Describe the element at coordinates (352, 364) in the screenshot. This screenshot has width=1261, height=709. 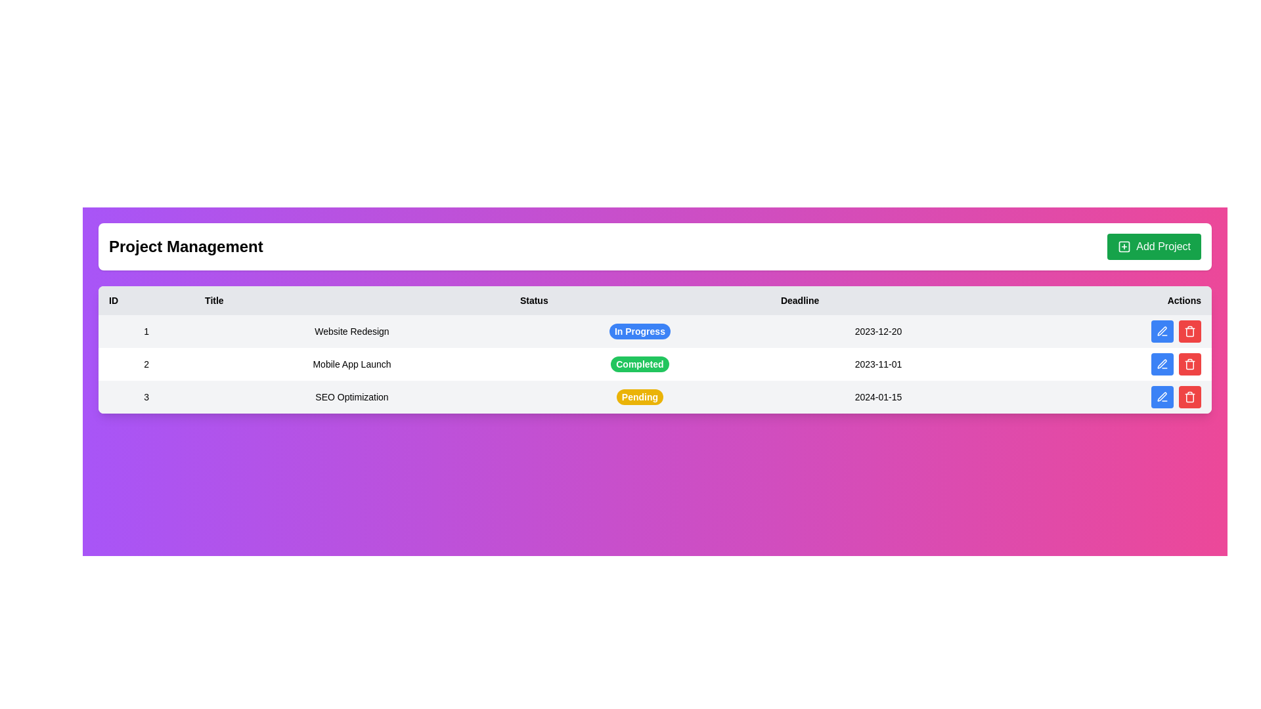
I see `text content of the label representing the title of the project in the 'Title' column of the second row, located between the 'ID' column with value '2' and the 'Status' column showing 'Completed'` at that location.